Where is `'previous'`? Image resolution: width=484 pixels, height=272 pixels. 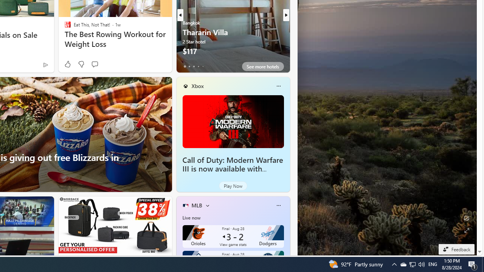 'previous' is located at coordinates (180, 15).